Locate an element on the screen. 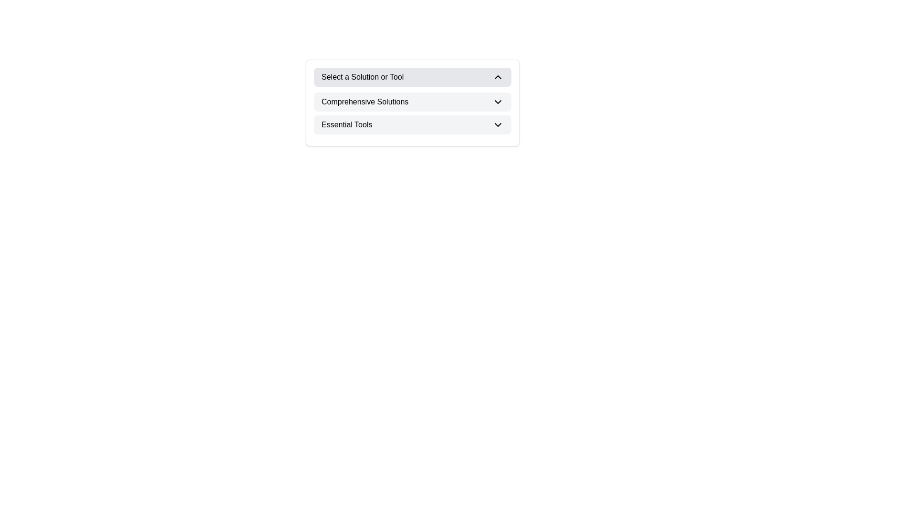 This screenshot has width=916, height=515. the dropdown toggle icon located to the right of the 'Essential Tools' text is located at coordinates (497, 124).